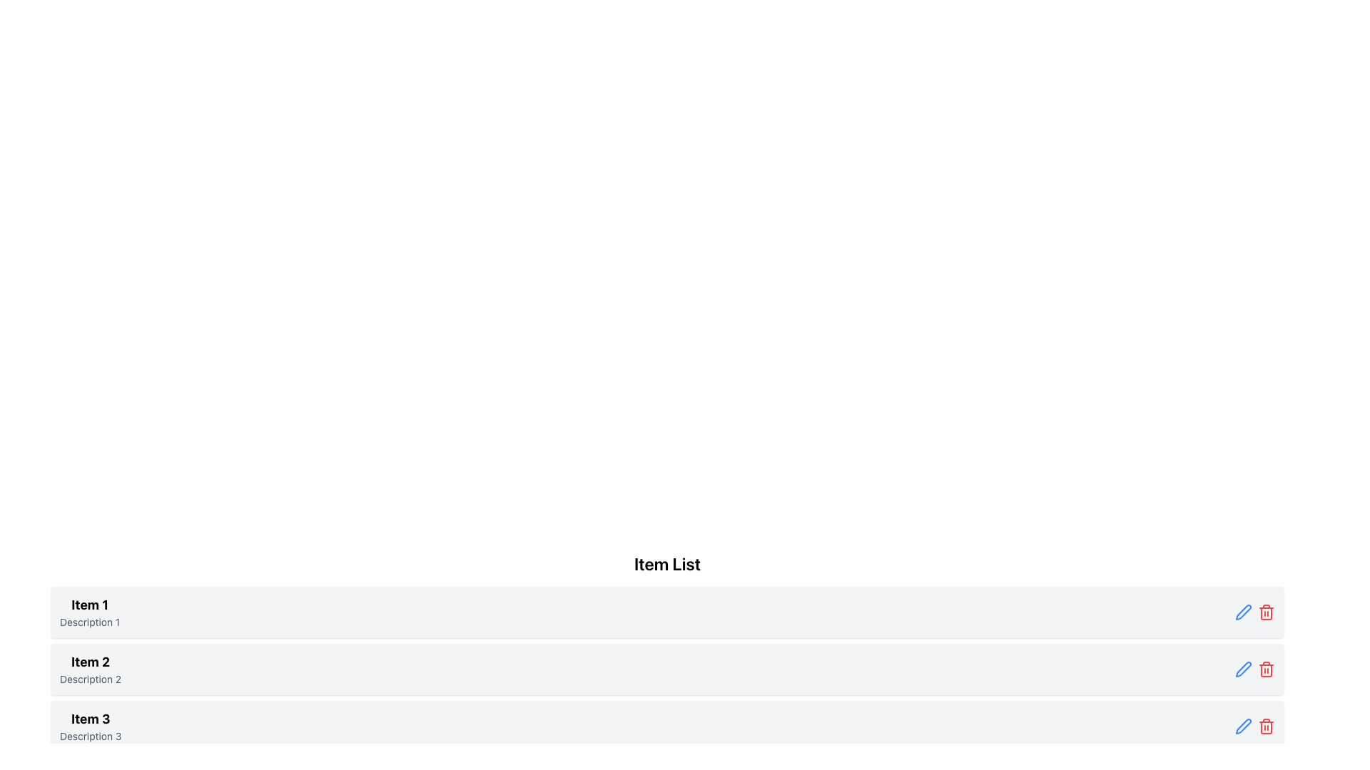 The width and height of the screenshot is (1370, 770). I want to click on the bold text label reading 'Item 2', which is the second item in a vertically aligned list, positioned above 'Description 2' and below 'Item 1', so click(90, 662).